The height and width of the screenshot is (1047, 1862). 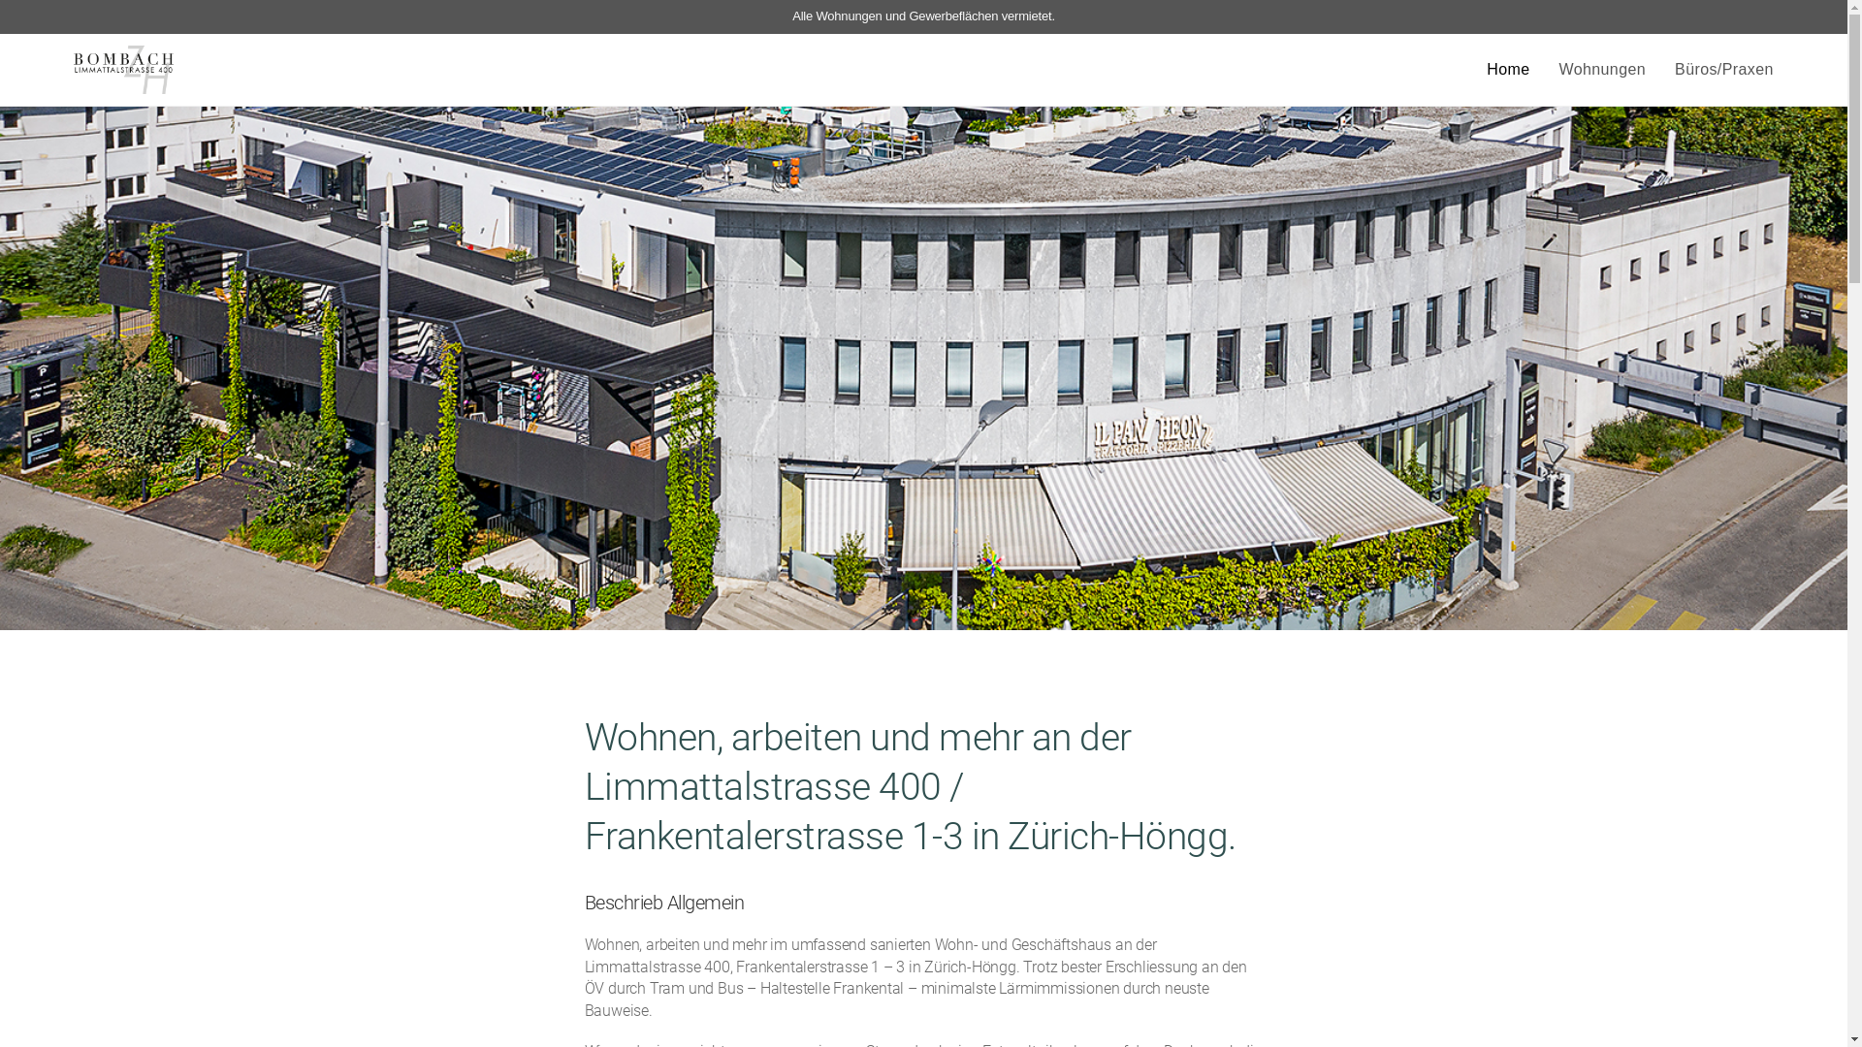 What do you see at coordinates (1601, 69) in the screenshot?
I see `'Wohnungen'` at bounding box center [1601, 69].